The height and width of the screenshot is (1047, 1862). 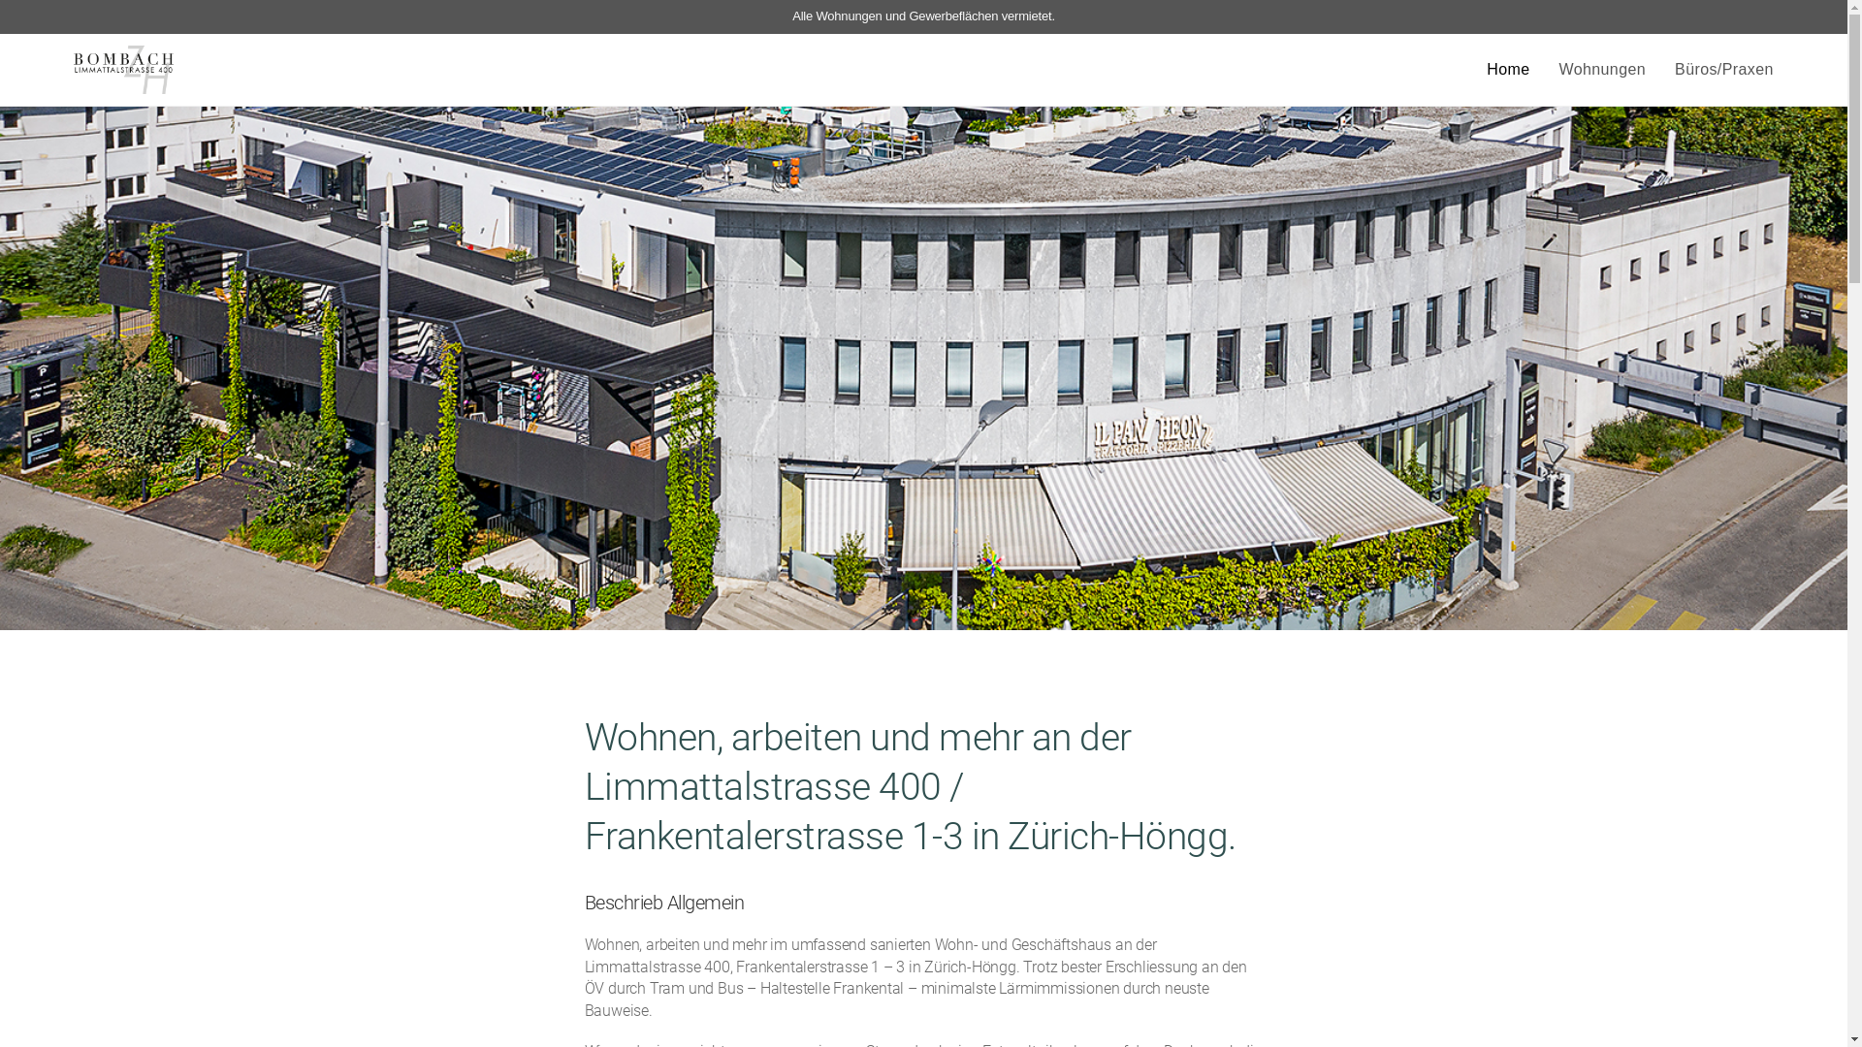 What do you see at coordinates (1601, 69) in the screenshot?
I see `'Wohnungen'` at bounding box center [1601, 69].